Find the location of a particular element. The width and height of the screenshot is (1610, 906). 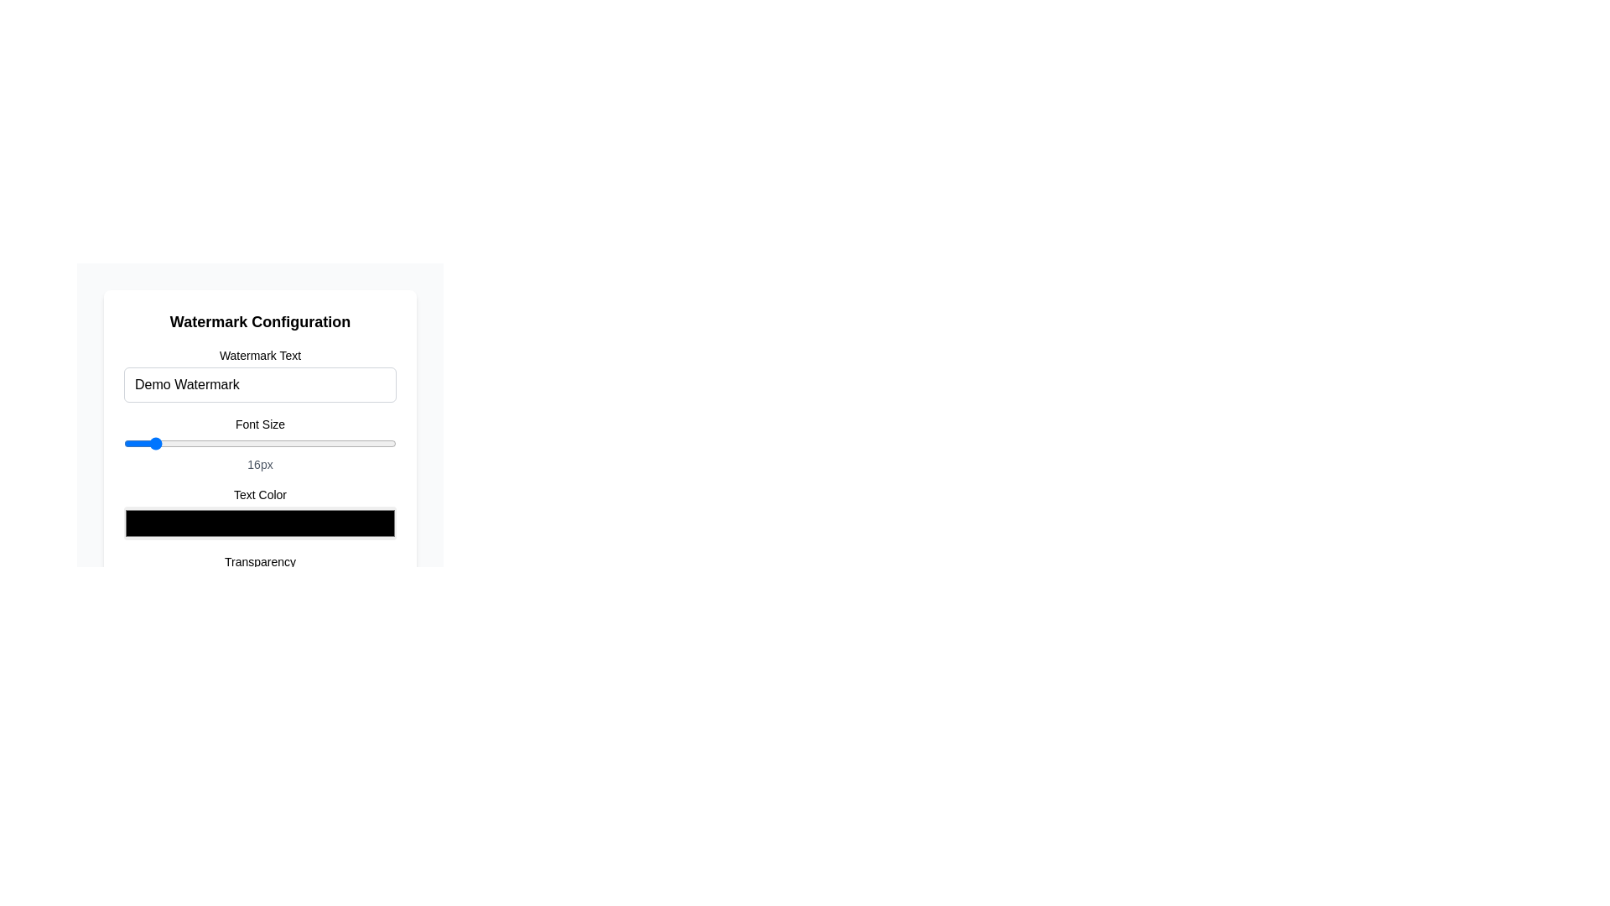

the font size slider is located at coordinates (377, 442).